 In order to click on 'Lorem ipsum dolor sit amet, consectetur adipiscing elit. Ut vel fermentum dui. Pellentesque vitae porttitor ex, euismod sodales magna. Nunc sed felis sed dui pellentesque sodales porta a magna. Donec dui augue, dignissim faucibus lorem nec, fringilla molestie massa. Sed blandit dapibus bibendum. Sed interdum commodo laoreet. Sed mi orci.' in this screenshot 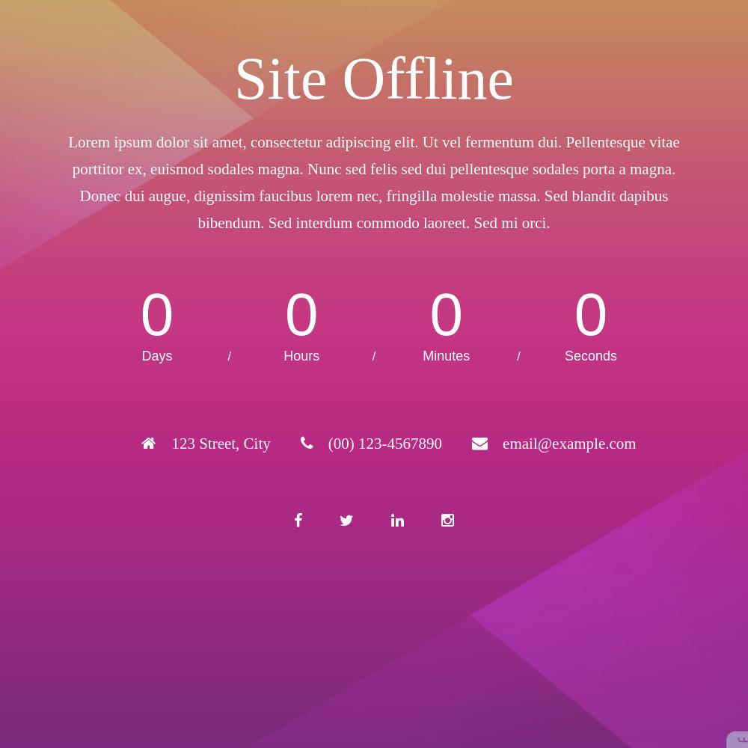, I will do `click(373, 182)`.